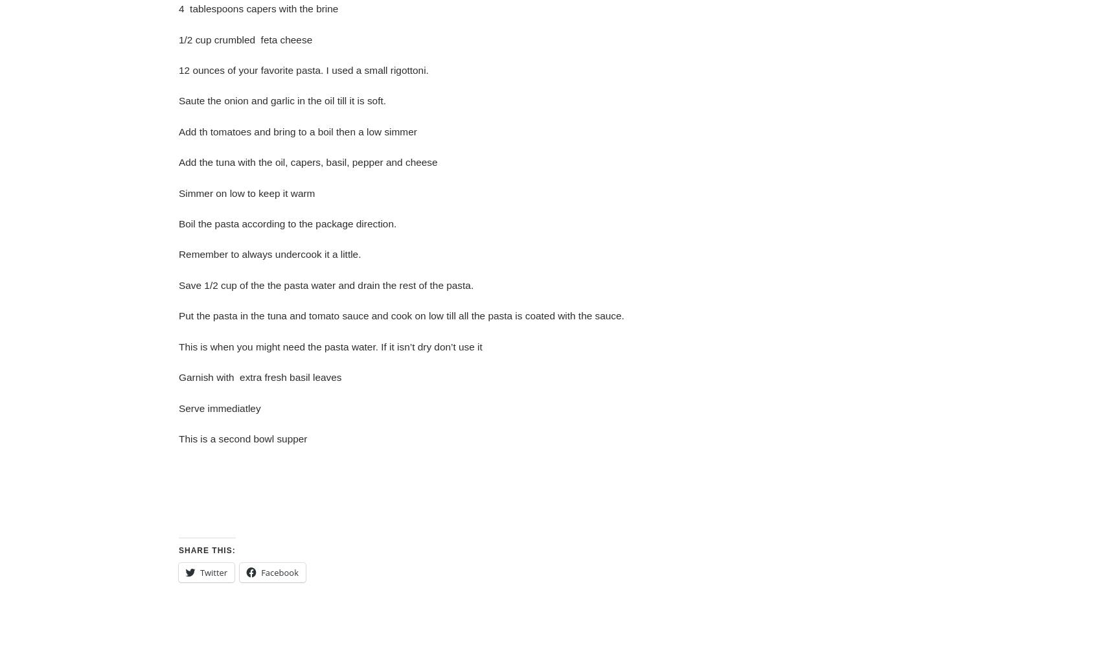 The image size is (1096, 651). I want to click on '4  tablespoons capers with the brine', so click(258, 8).